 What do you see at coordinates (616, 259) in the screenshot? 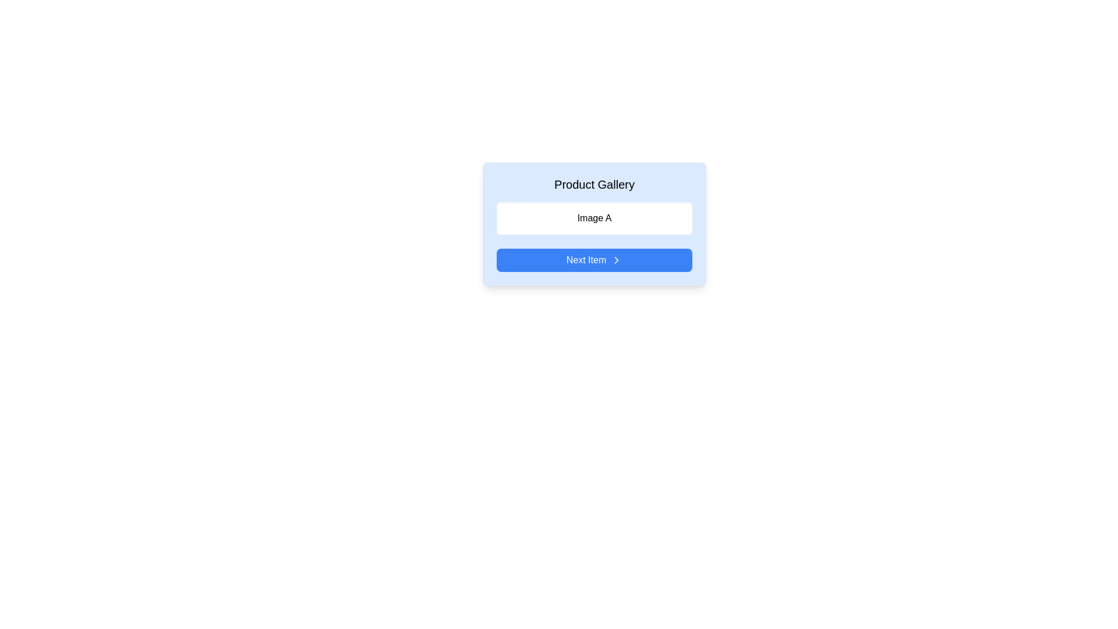
I see `the SVG chevron icon on the right side of the blue 'Next Item' button` at bounding box center [616, 259].